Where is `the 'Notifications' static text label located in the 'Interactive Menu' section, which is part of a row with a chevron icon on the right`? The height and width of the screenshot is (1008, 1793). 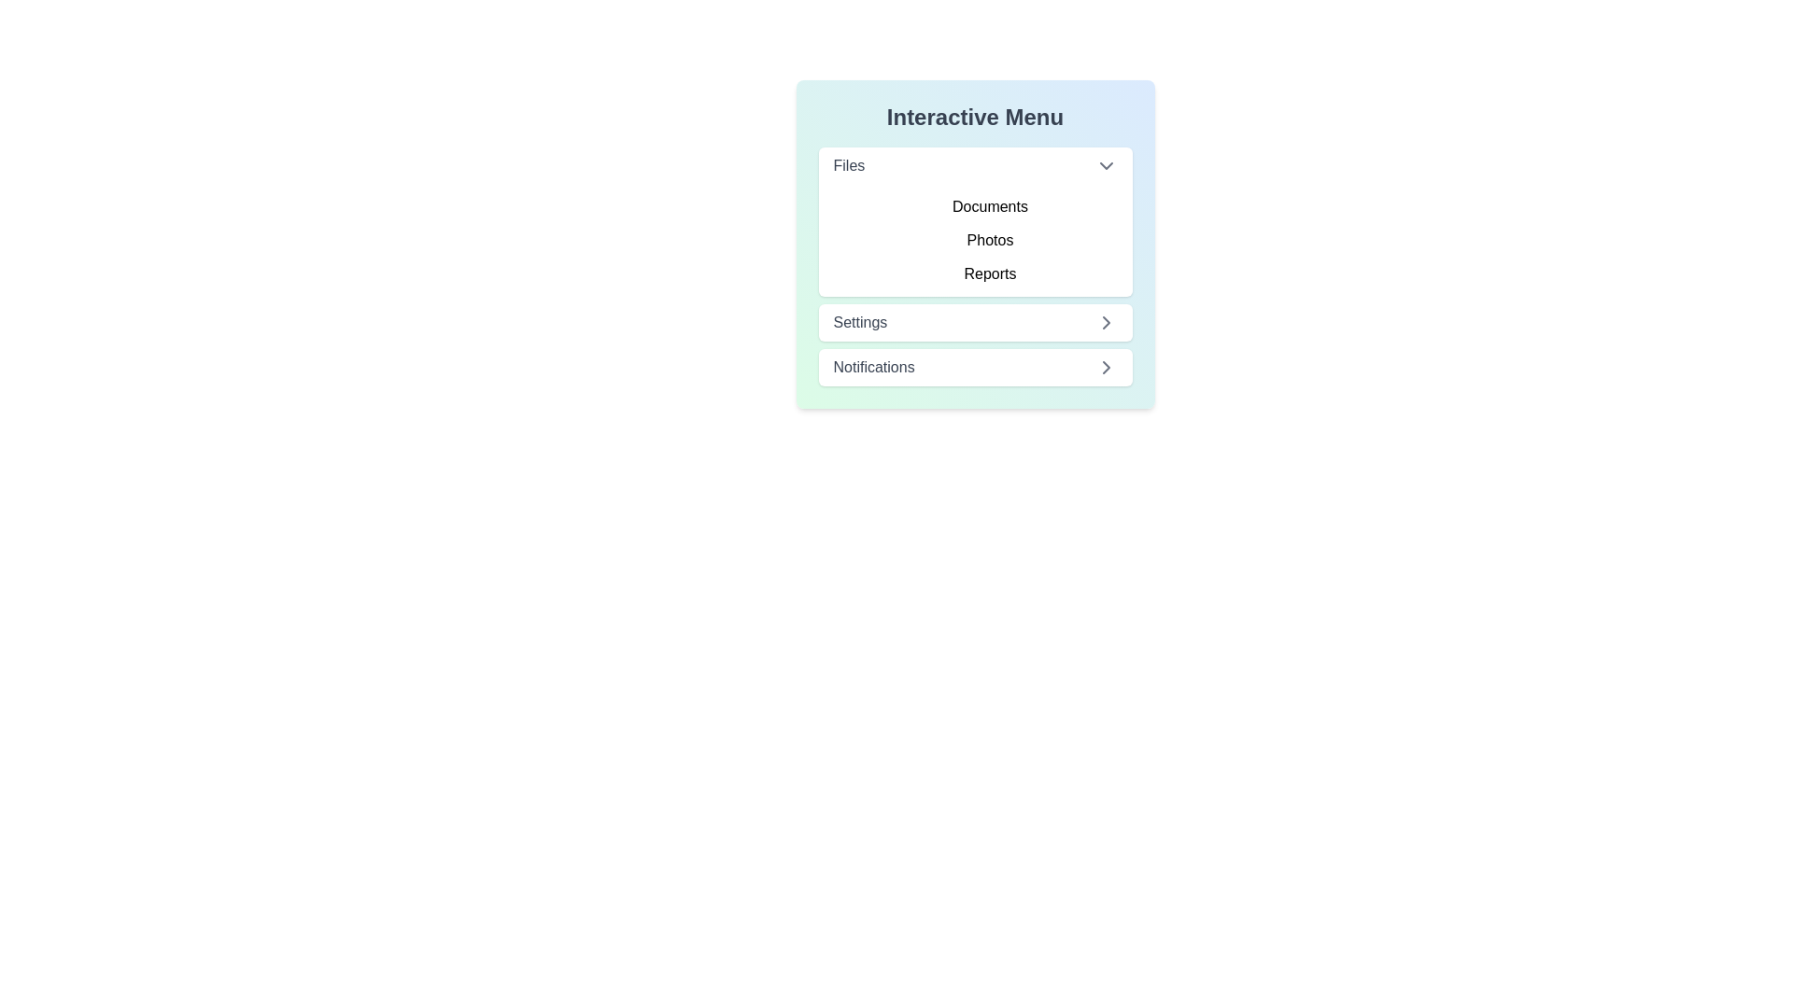
the 'Notifications' static text label located in the 'Interactive Menu' section, which is part of a row with a chevron icon on the right is located at coordinates (873, 367).